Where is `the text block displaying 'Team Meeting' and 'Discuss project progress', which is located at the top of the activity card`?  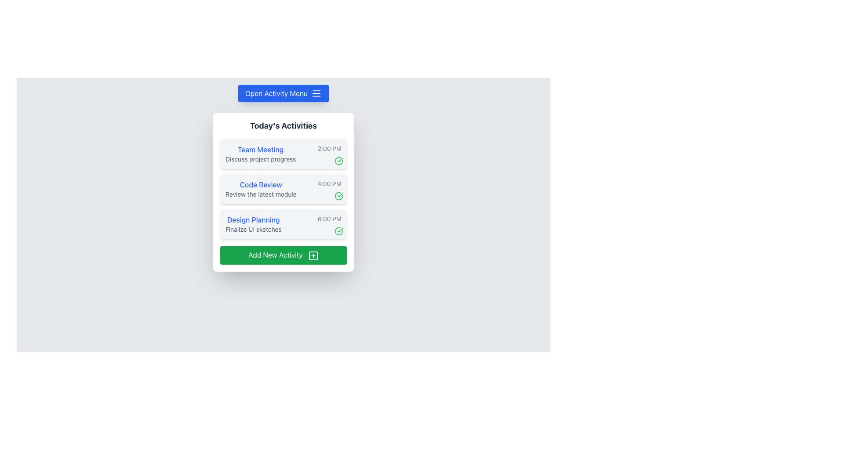
the text block displaying 'Team Meeting' and 'Discuss project progress', which is located at the top of the activity card is located at coordinates (260, 154).